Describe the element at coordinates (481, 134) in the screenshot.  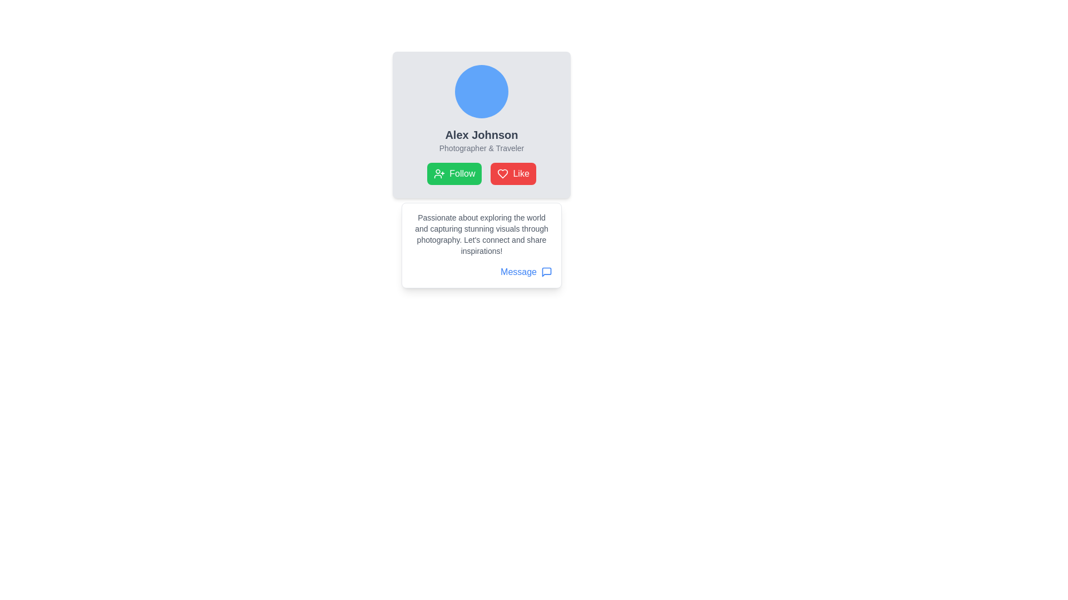
I see `the bold, large dark gray text displaying 'Alex Johnson', which is the primary identification of the profile, located below the avatar image and above the subtitle text 'Photographer & Traveler'` at that location.